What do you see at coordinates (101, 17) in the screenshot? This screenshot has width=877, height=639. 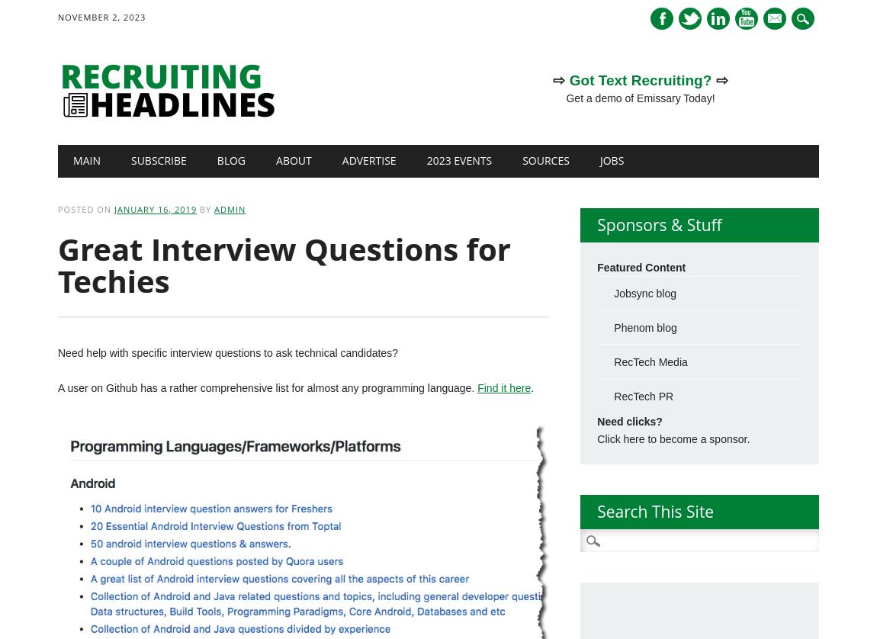 I see `'November 2, 2023'` at bounding box center [101, 17].